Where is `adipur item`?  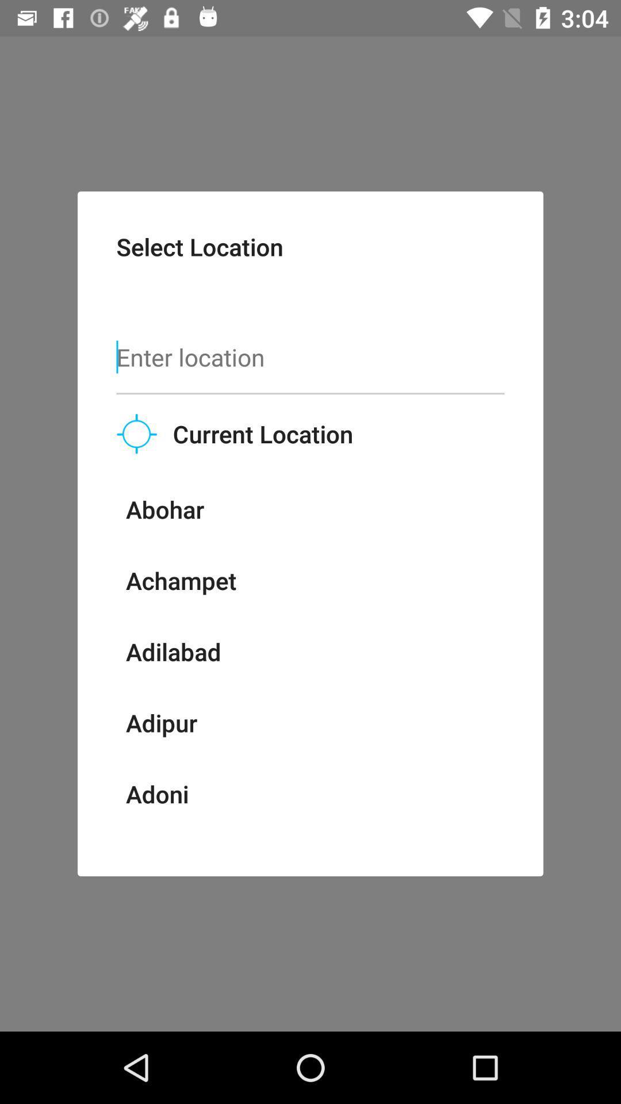
adipur item is located at coordinates (162, 722).